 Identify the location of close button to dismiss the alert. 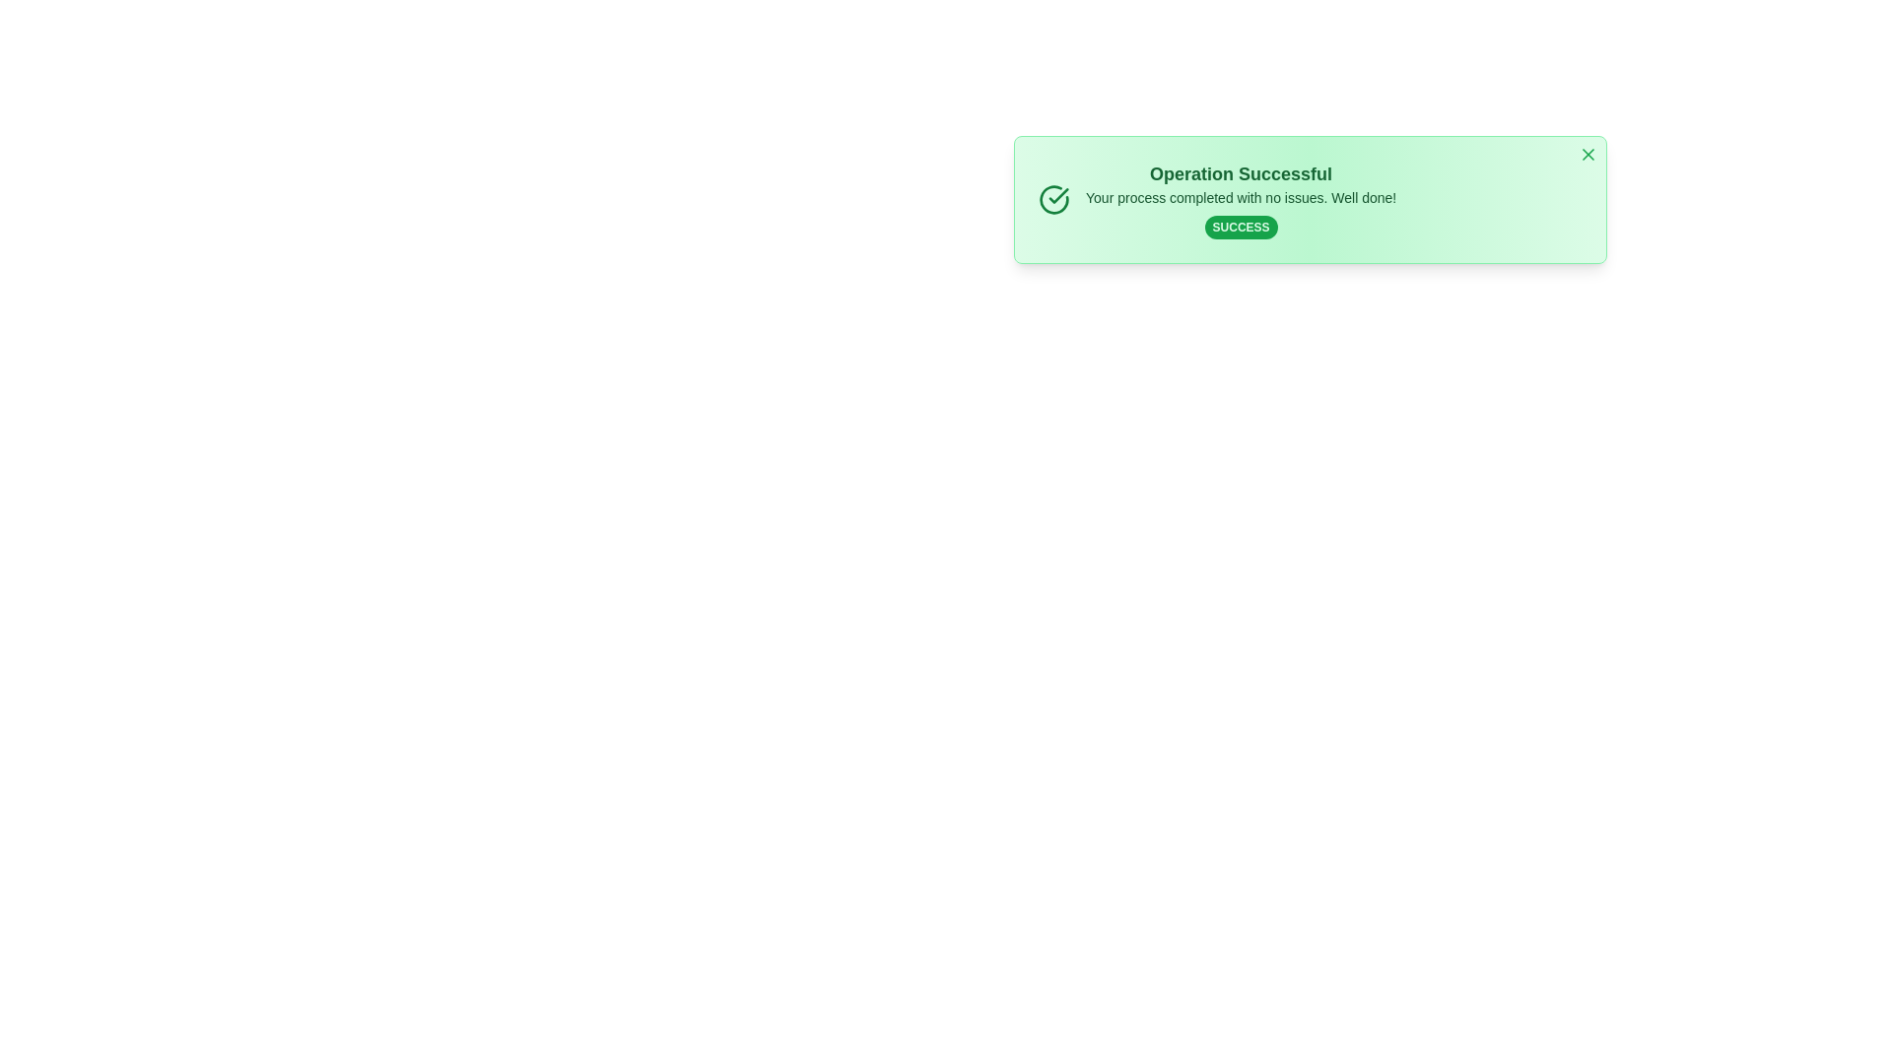
(1588, 154).